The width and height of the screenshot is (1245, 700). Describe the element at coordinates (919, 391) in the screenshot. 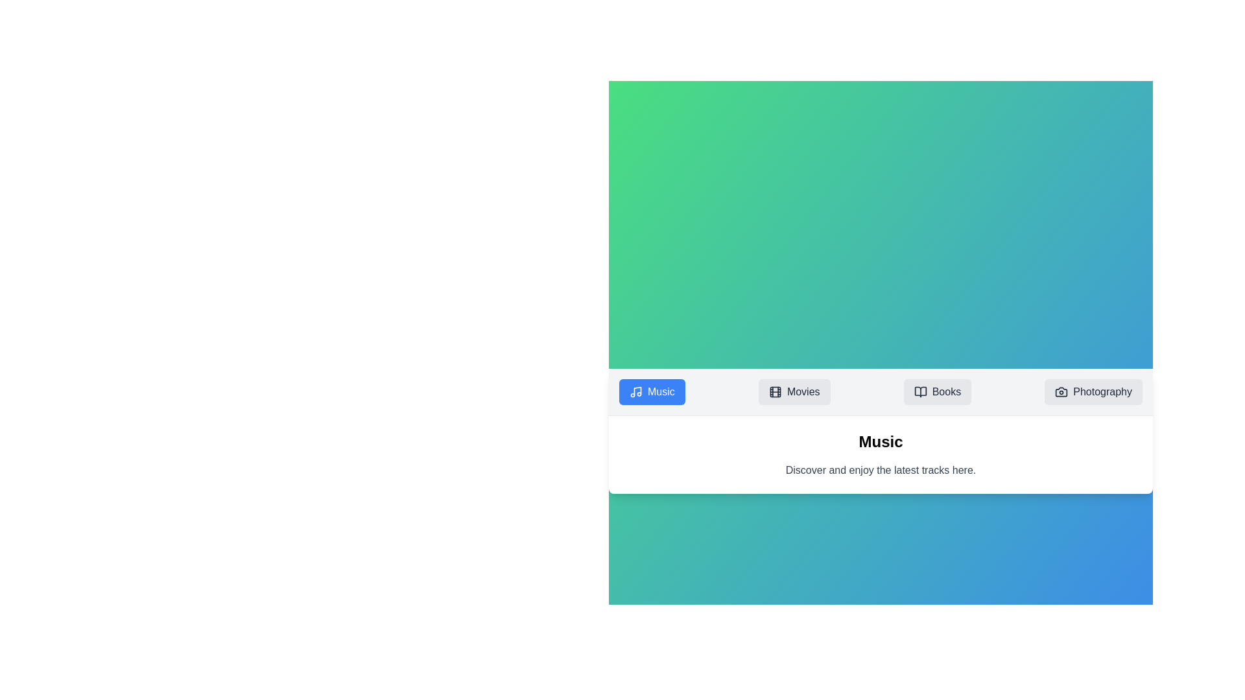

I see `the left part of the open book icon in the 'Books' tab section, which is styled in a minimalistic line-based design and located between the 'Movies' and 'Photography' tabs` at that location.